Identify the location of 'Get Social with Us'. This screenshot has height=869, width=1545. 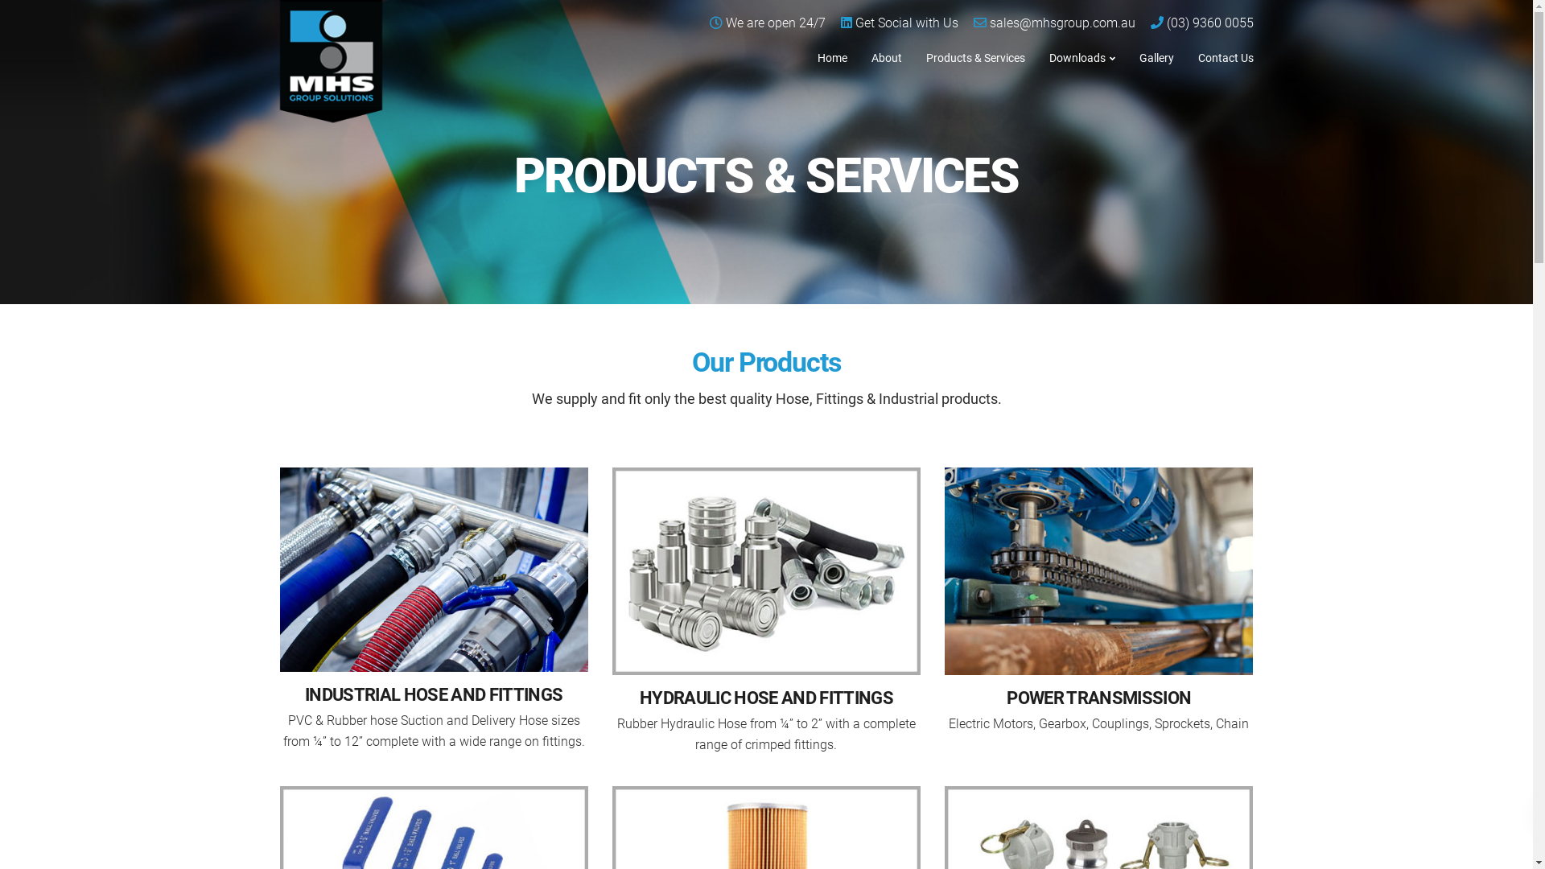
(906, 23).